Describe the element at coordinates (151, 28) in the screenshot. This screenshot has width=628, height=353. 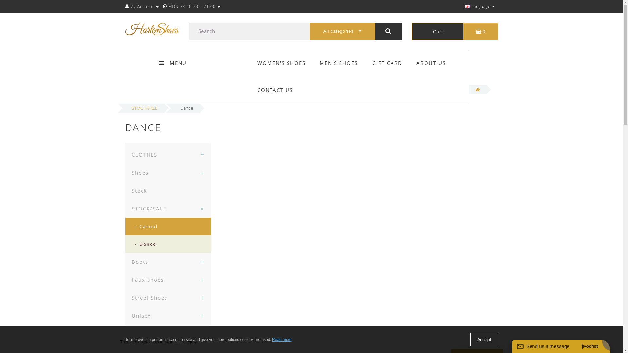
I see `'Store HarlemShoes'` at that location.